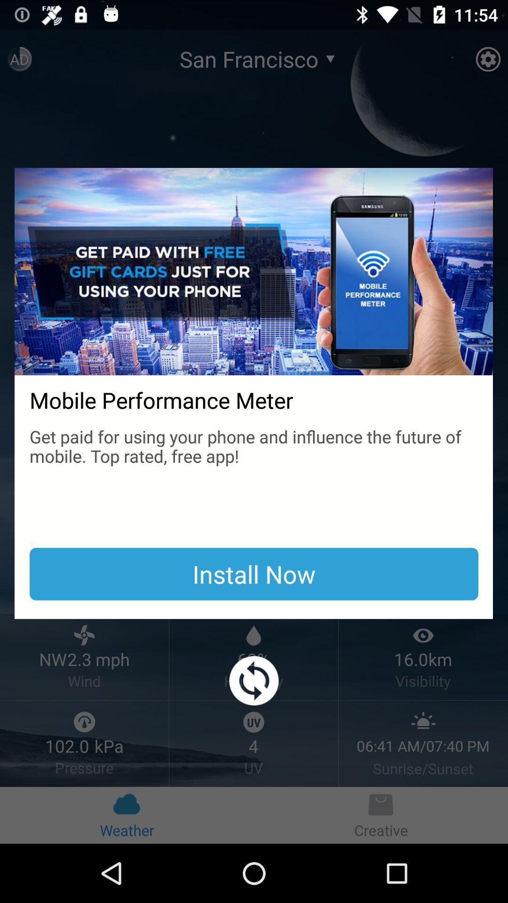 This screenshot has width=508, height=903. What do you see at coordinates (254, 681) in the screenshot?
I see `the item at the bottom` at bounding box center [254, 681].